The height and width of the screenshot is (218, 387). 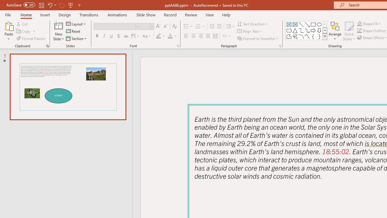 I want to click on 'Shape Outline Teal, Accent 1', so click(x=359, y=31).